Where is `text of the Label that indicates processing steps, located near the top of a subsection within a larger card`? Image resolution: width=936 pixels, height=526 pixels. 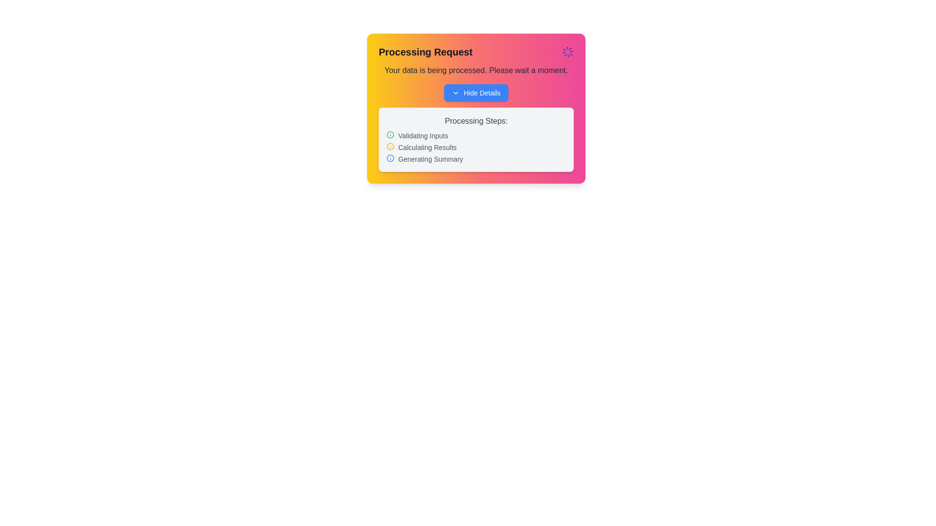
text of the Label that indicates processing steps, located near the top of a subsection within a larger card is located at coordinates (476, 121).